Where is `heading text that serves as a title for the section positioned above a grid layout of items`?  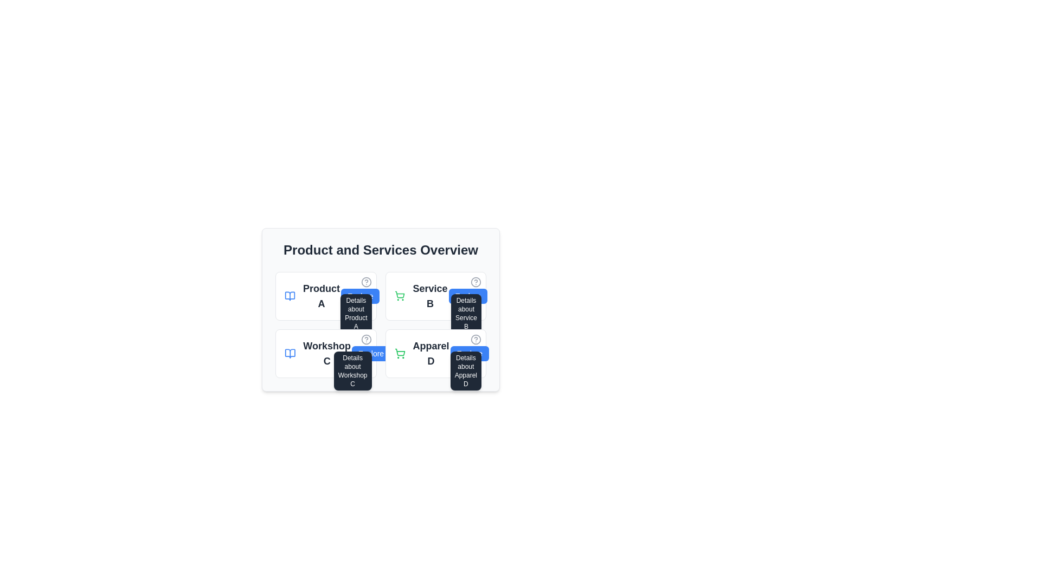 heading text that serves as a title for the section positioned above a grid layout of items is located at coordinates (381, 250).